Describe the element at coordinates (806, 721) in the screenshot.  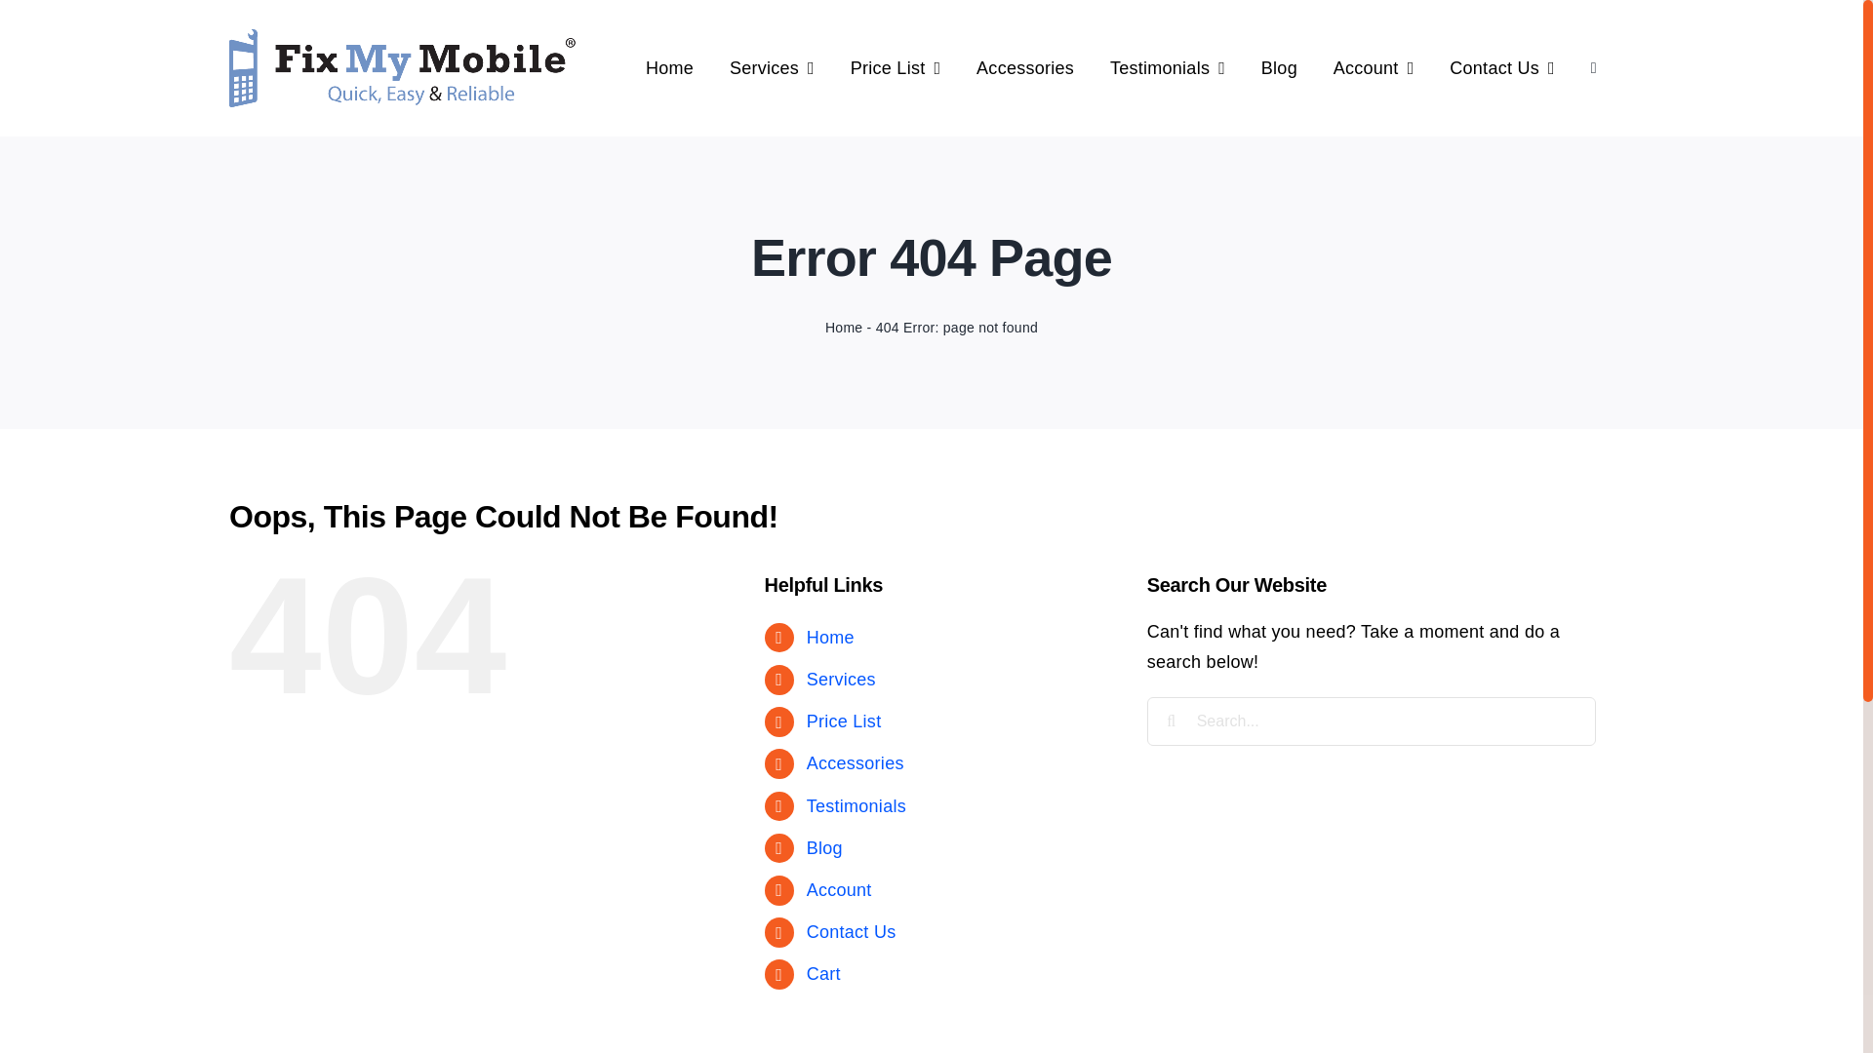
I see `'Price List'` at that location.